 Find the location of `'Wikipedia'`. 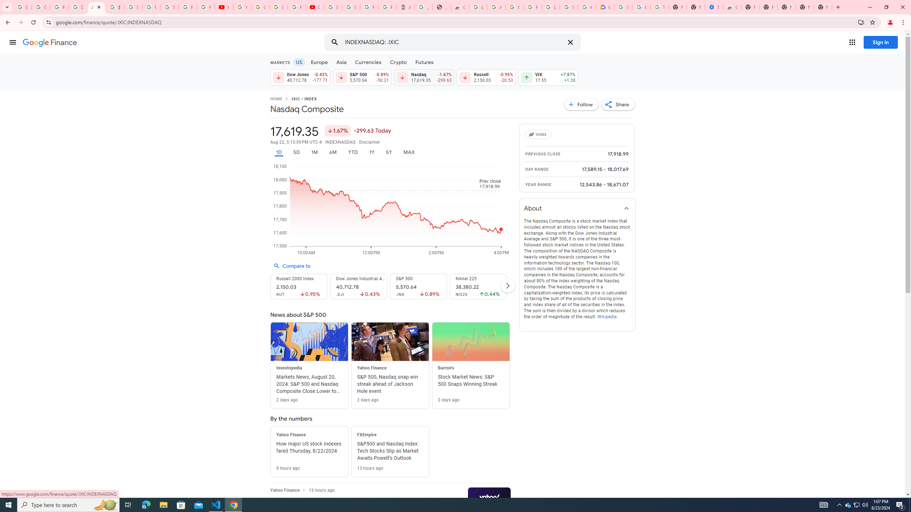

'Wikipedia' is located at coordinates (606, 316).